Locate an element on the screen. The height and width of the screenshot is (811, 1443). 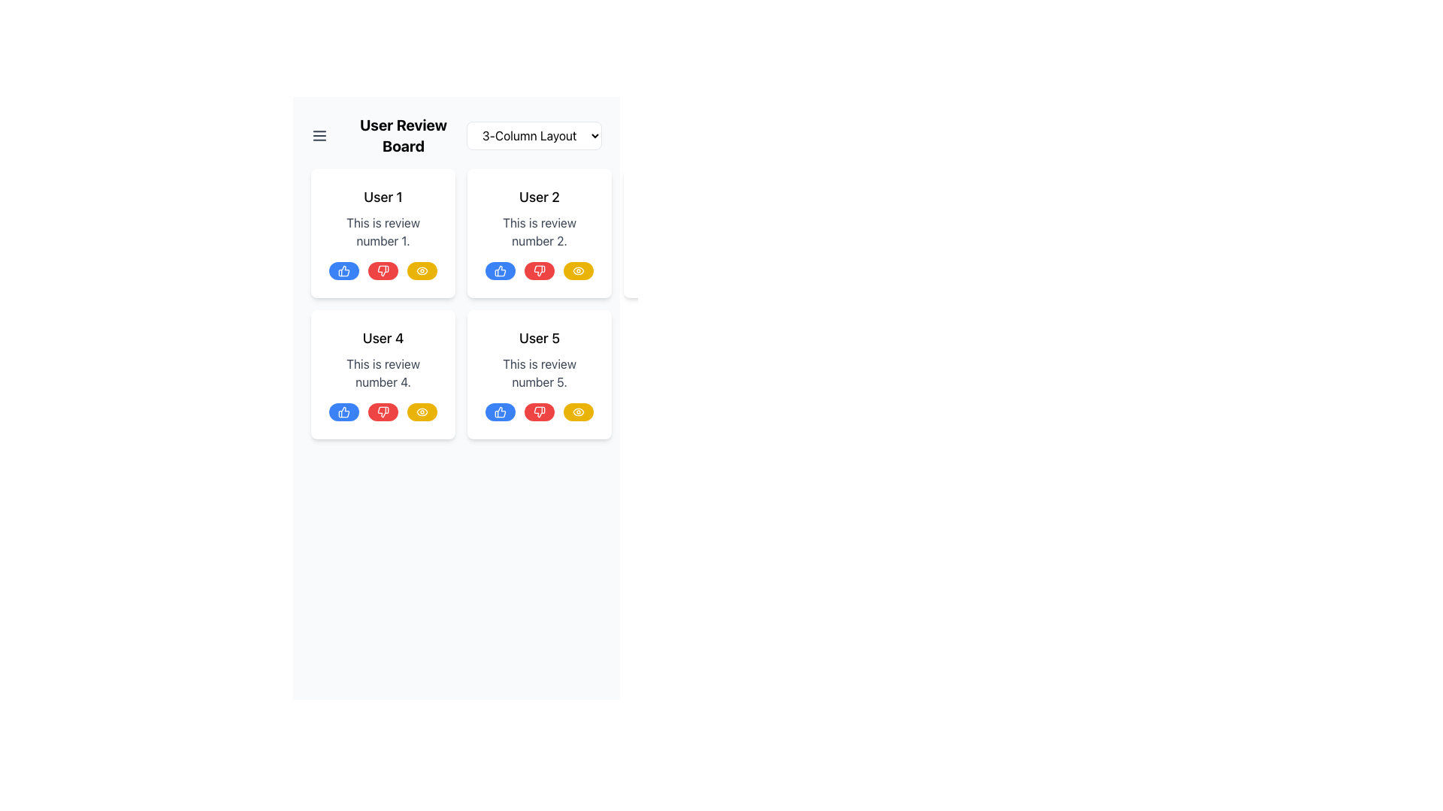
the middle dislike button located under 'User 4' in the review card to register a dislike is located at coordinates (383, 412).